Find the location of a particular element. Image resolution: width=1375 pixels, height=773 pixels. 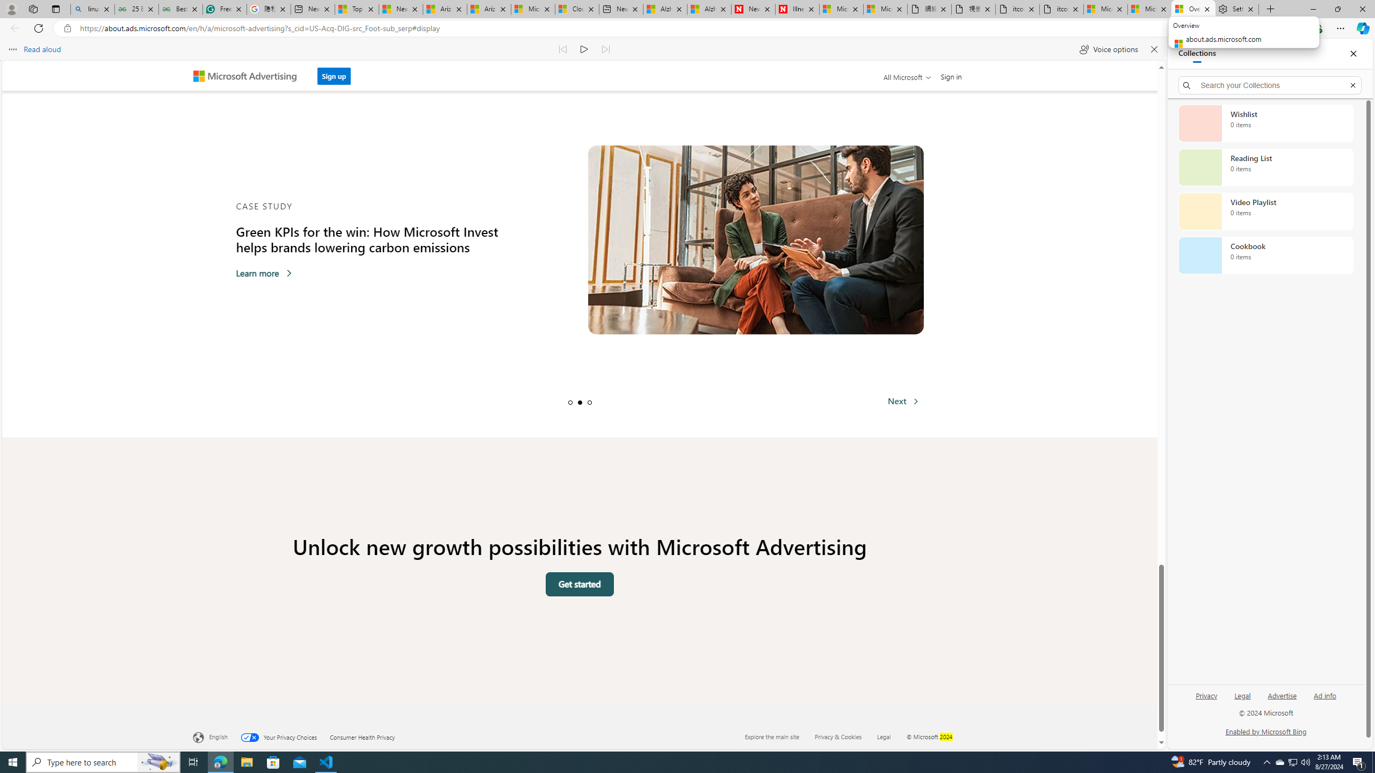

'Top Stories - MSN' is located at coordinates (357, 9).